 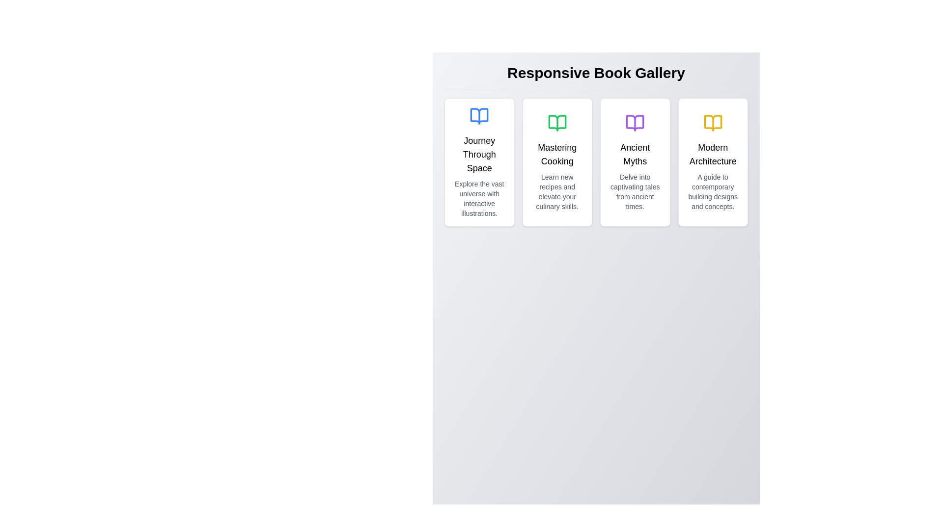 What do you see at coordinates (479, 199) in the screenshot?
I see `the text block that reads 'Explore the vast universe with interactive illustrations.' which is styled in smaller text size, gray color, and centered alignment, located beneath the title 'Journey Through Space' in the first card of a grid layout` at bounding box center [479, 199].